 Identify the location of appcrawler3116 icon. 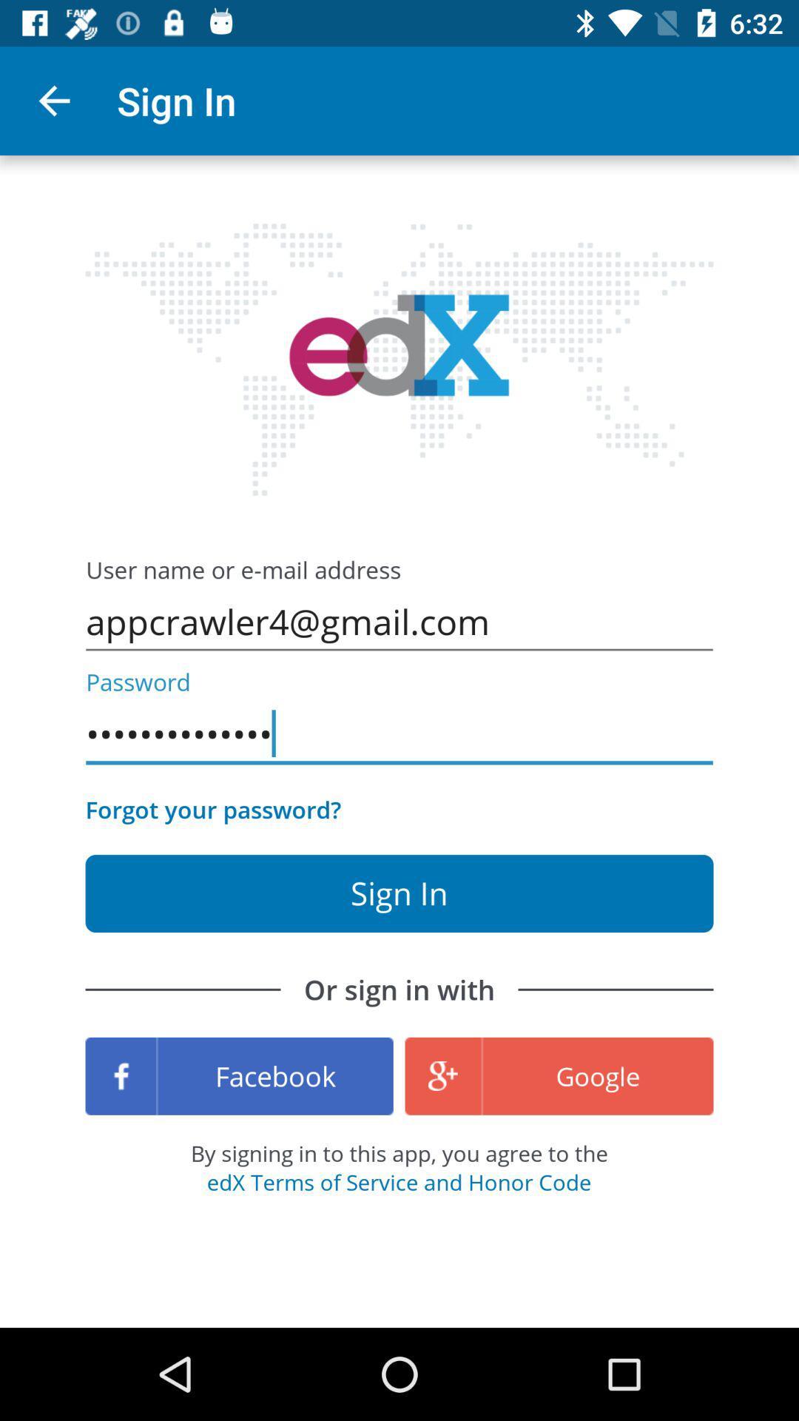
(399, 734).